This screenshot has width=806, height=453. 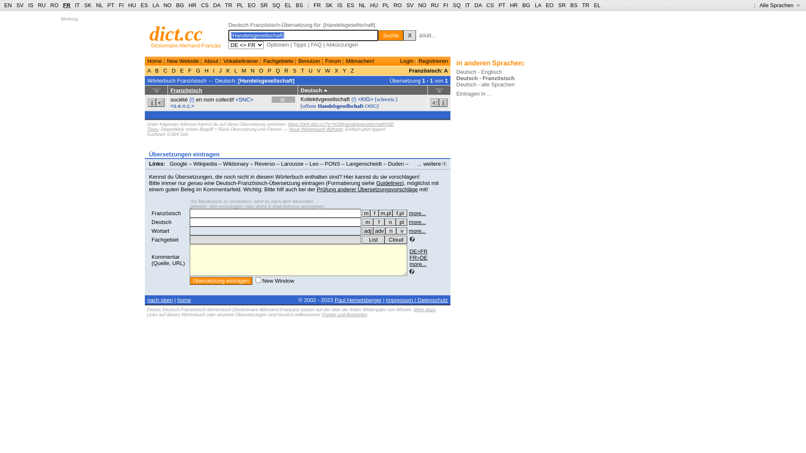 What do you see at coordinates (779, 5) in the screenshot?
I see `'Alle Sprachen '` at bounding box center [779, 5].